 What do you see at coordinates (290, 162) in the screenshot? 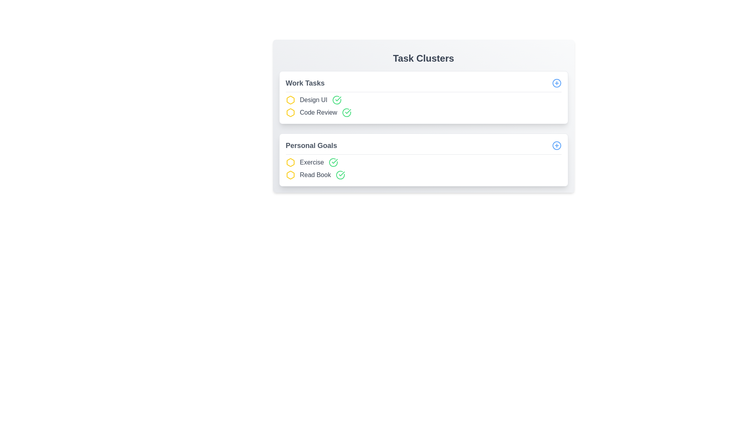
I see `the icon associated with Exercise` at bounding box center [290, 162].